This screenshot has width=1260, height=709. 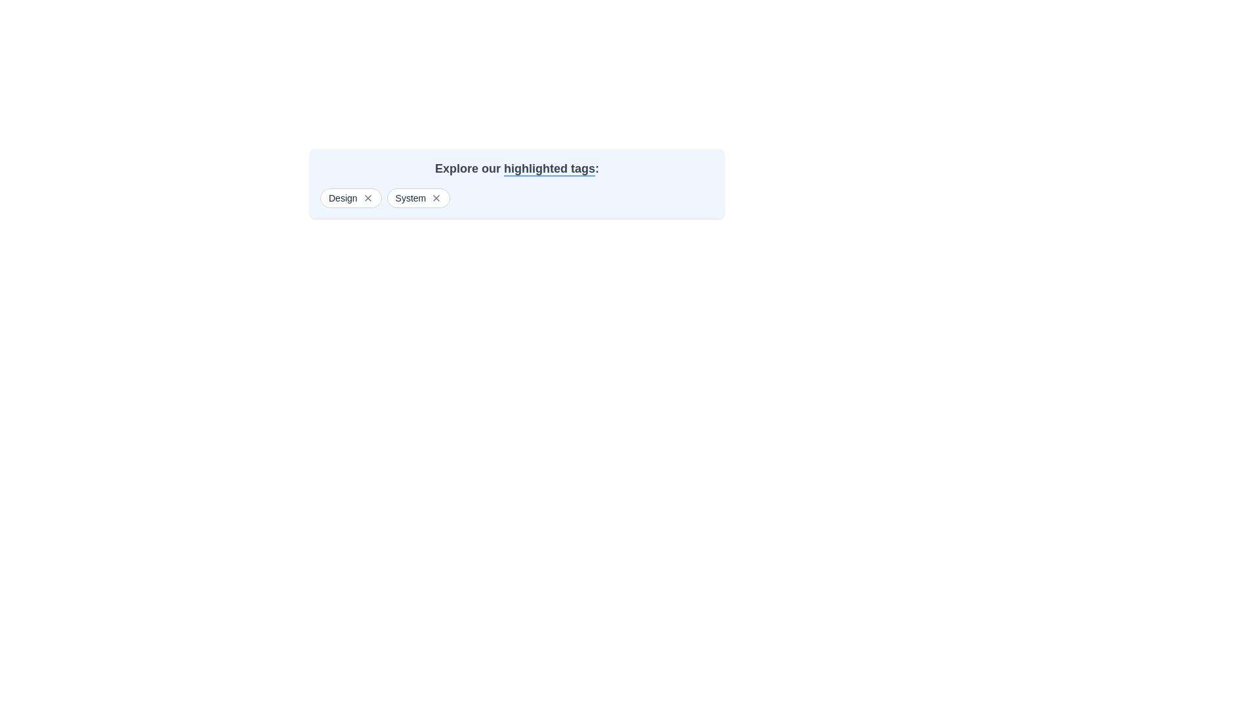 What do you see at coordinates (409, 198) in the screenshot?
I see `the text label displaying the word 'System', which is styled in gray and located between the 'Design' label and an 'X' icon` at bounding box center [409, 198].